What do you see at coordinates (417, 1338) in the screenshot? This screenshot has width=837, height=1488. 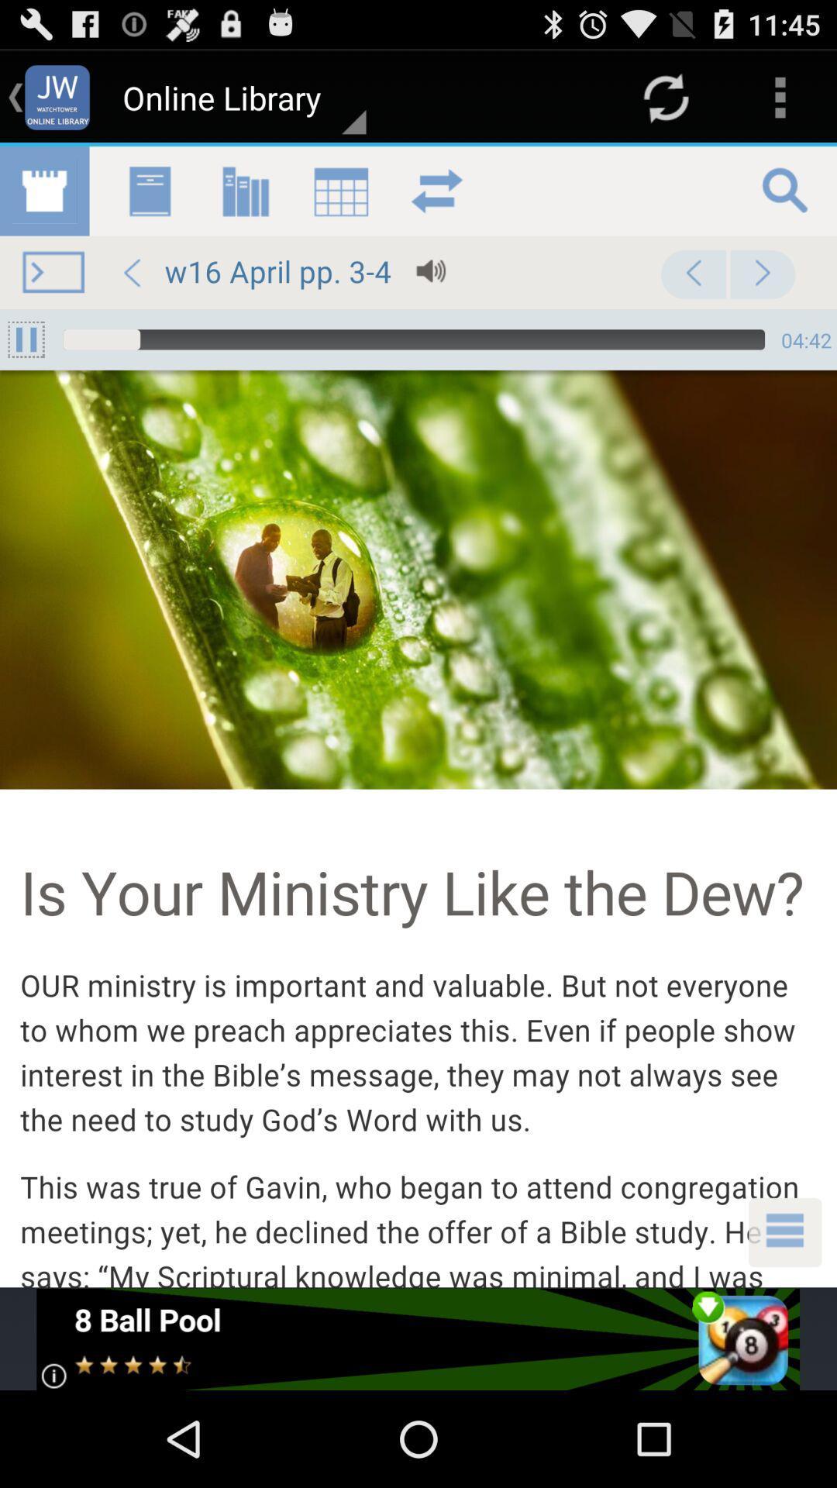 I see `open advertisement` at bounding box center [417, 1338].